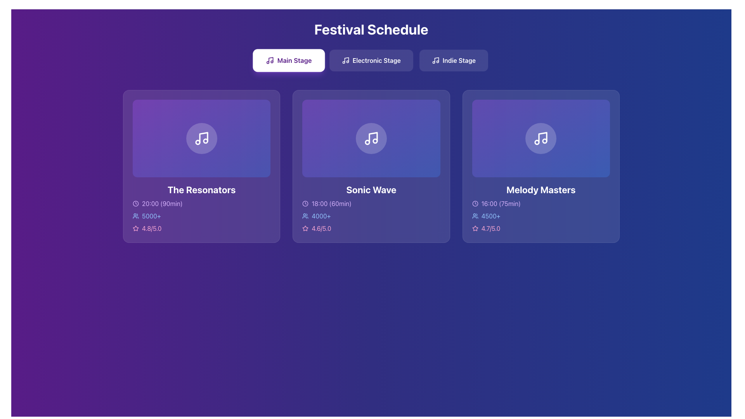 The height and width of the screenshot is (419, 745). I want to click on the rectangular card with a gradient background and a white music note icon at its center within the 'Melody Masters' card in the 'Festival Schedule' interface, so click(541, 138).